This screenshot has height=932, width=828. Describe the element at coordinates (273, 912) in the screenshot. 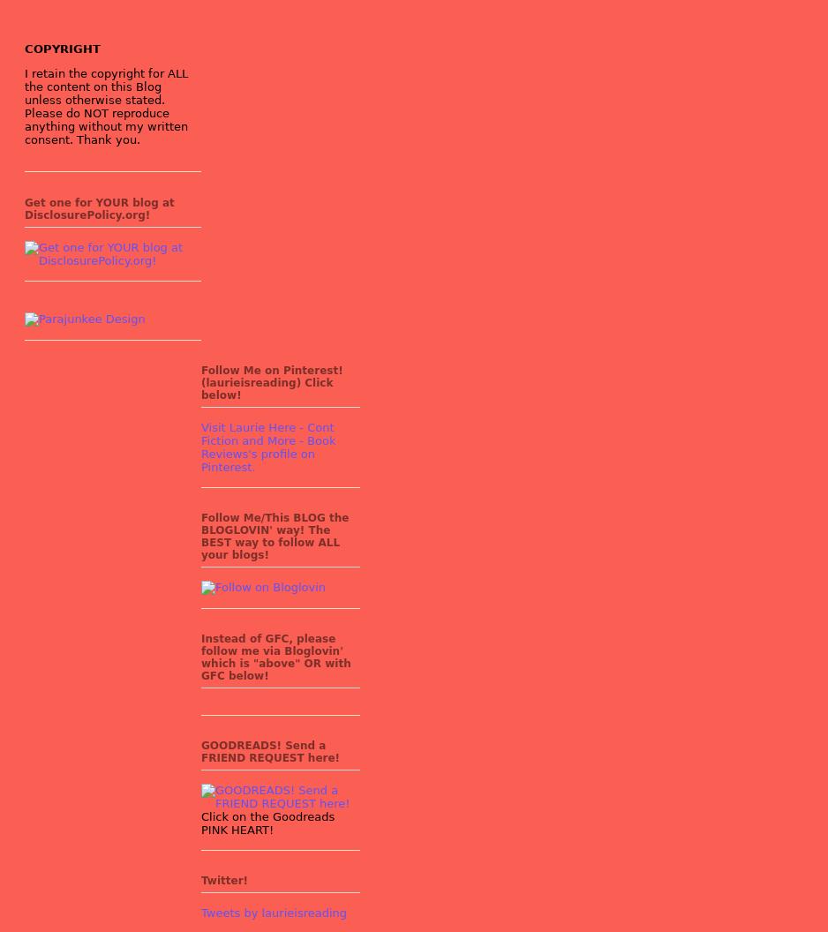

I see `'Tweets by laurieisreading'` at that location.